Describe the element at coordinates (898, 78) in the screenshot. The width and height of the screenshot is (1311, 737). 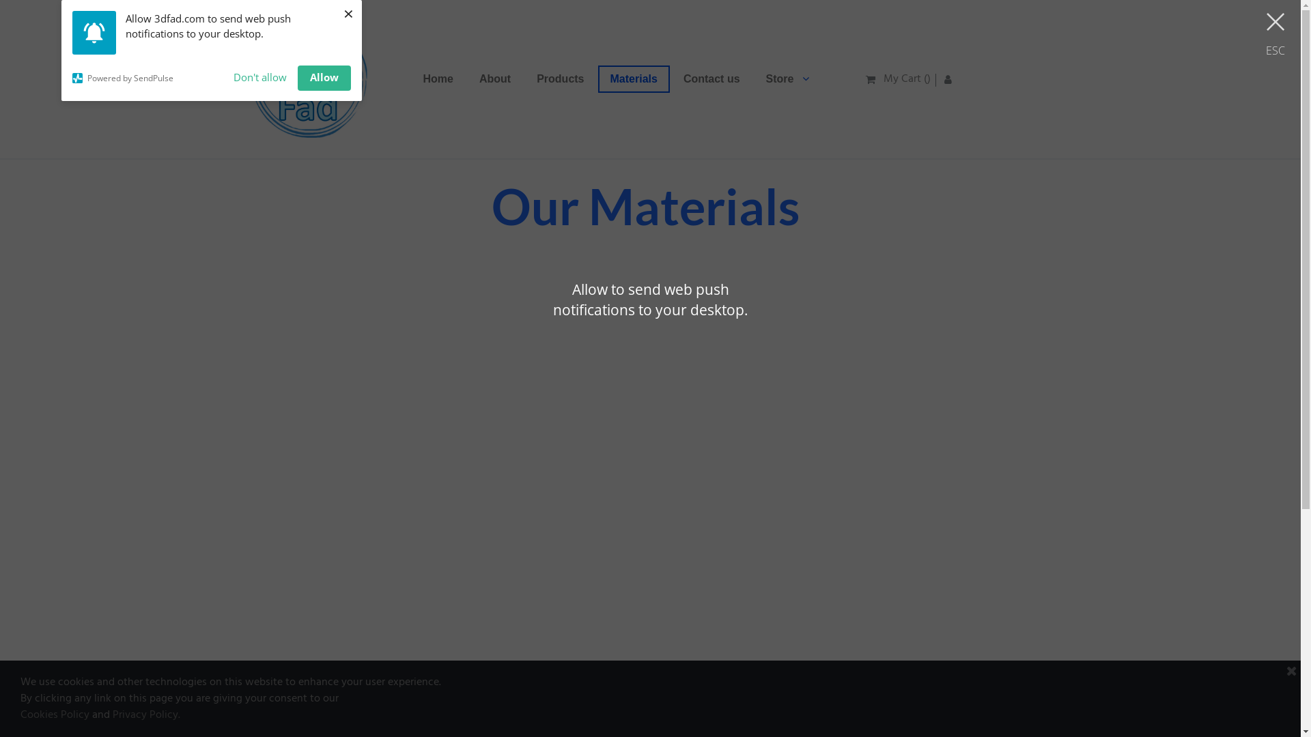
I see `'My Cart ()'` at that location.